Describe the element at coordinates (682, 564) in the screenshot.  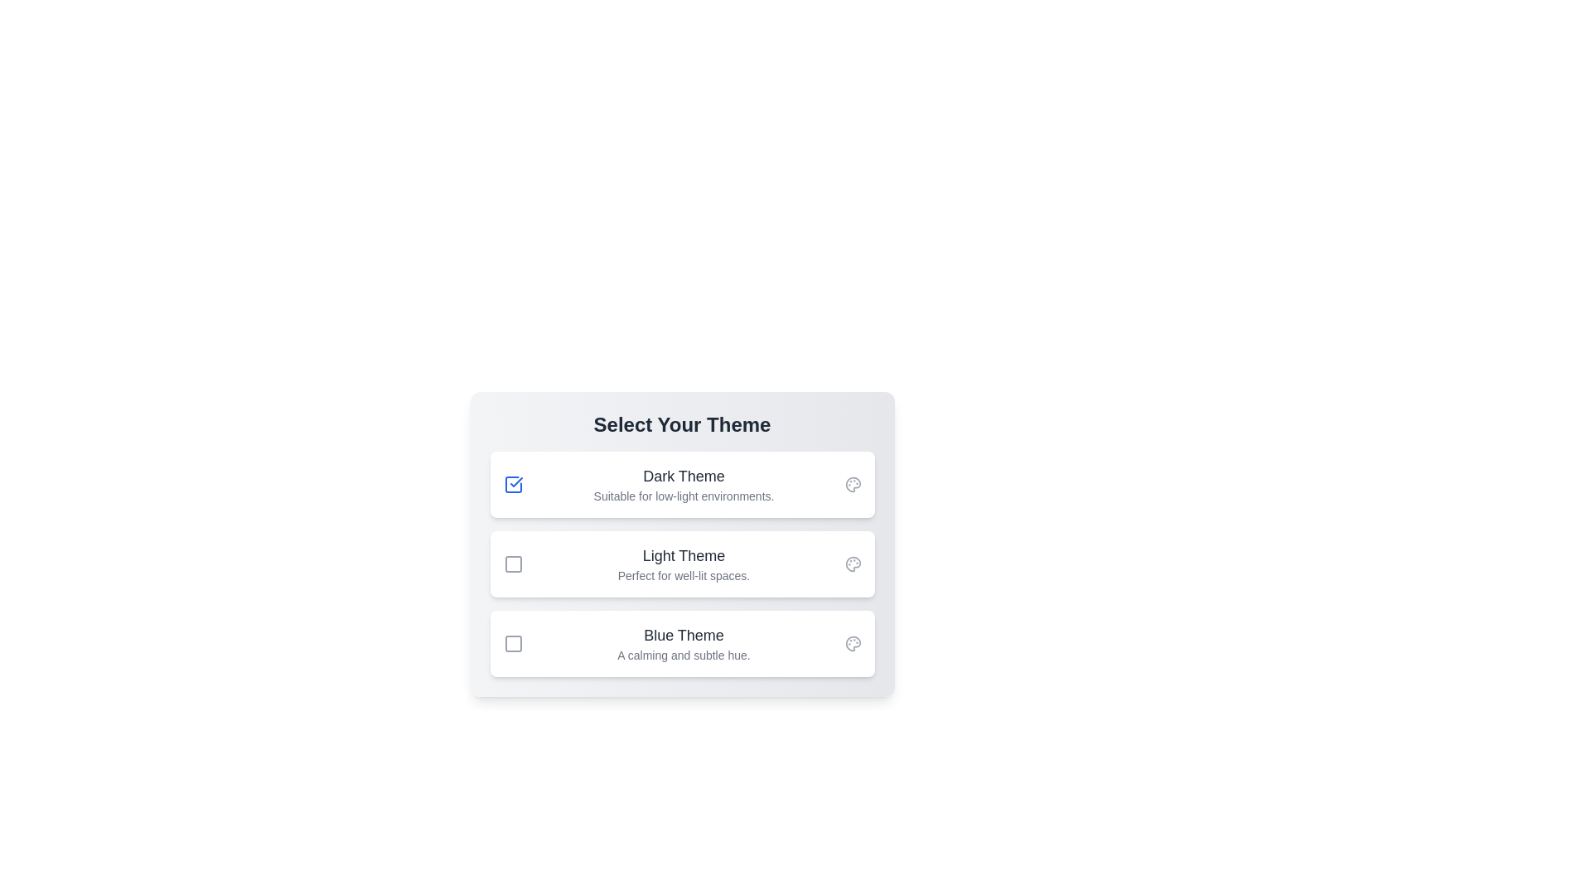
I see `the description of the theme titled 'Light Theme'` at that location.